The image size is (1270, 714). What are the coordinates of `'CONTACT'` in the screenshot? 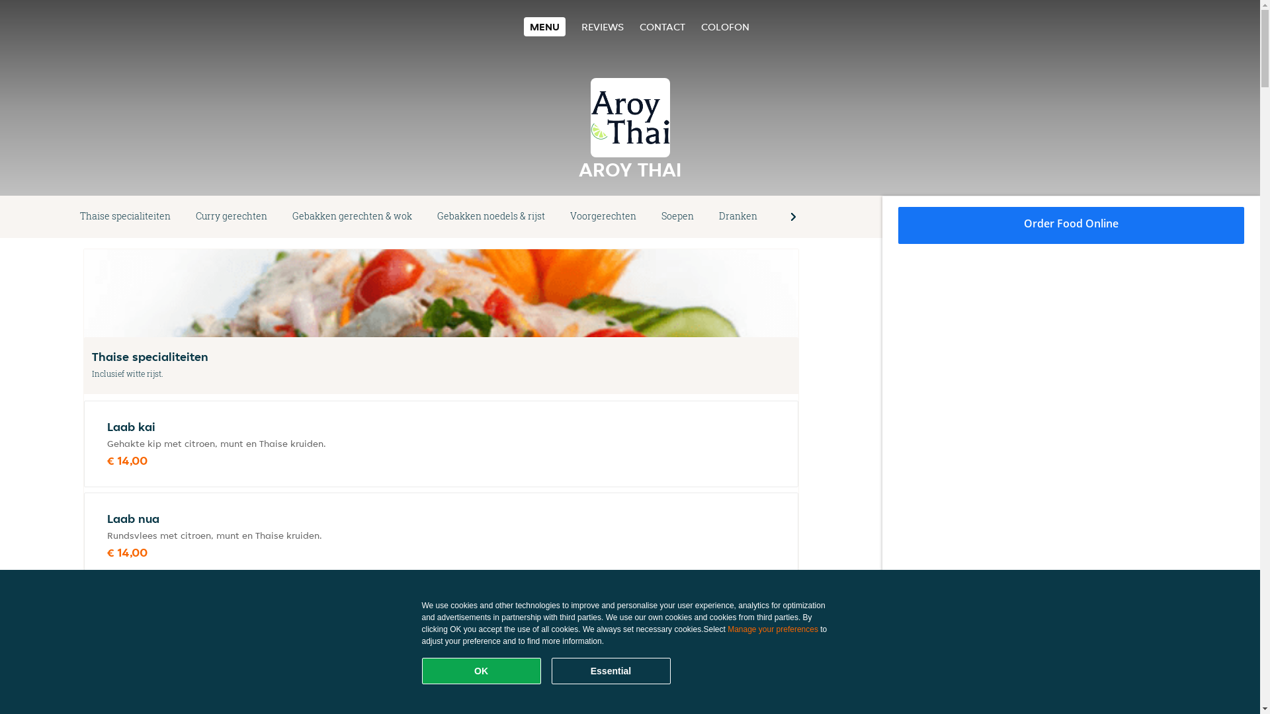 It's located at (662, 26).